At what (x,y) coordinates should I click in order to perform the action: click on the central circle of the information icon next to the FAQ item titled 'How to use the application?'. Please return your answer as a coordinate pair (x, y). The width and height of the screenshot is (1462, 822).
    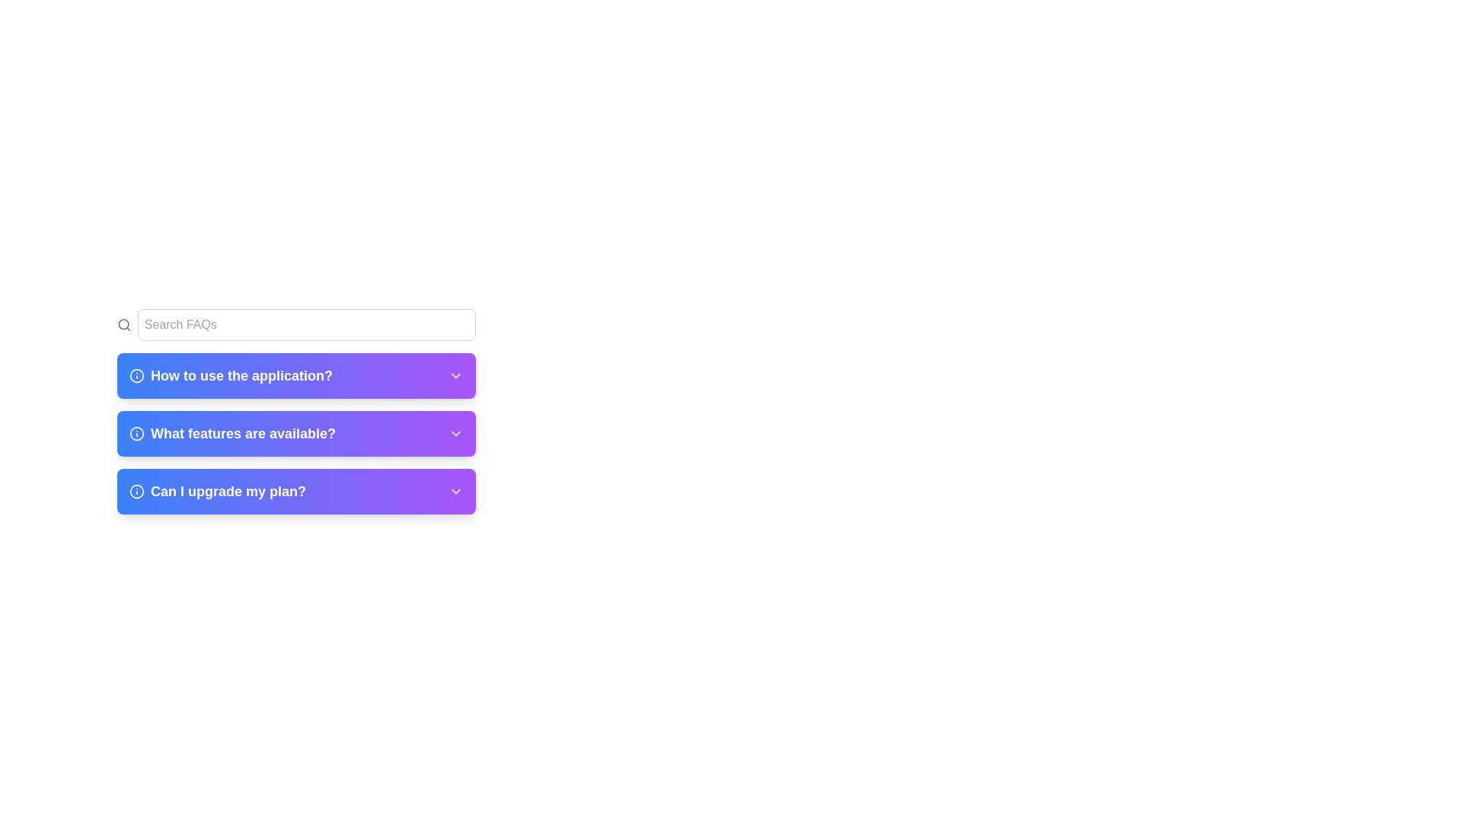
    Looking at the image, I should click on (137, 375).